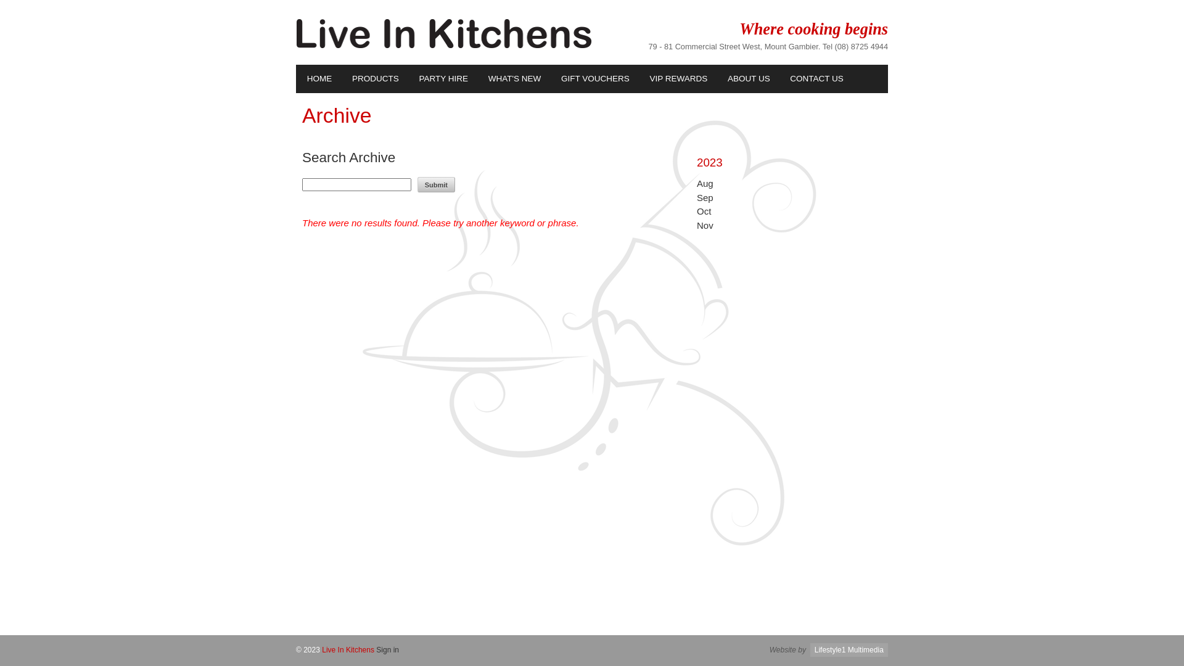 Image resolution: width=1184 pixels, height=666 pixels. I want to click on 'Live In Kitchens', so click(347, 649).